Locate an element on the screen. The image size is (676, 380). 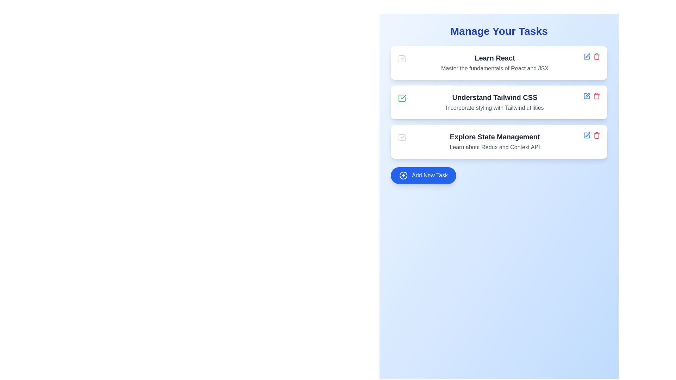
the edit icon located to the right of the 'Learn React' task in the task list is located at coordinates (588, 55).